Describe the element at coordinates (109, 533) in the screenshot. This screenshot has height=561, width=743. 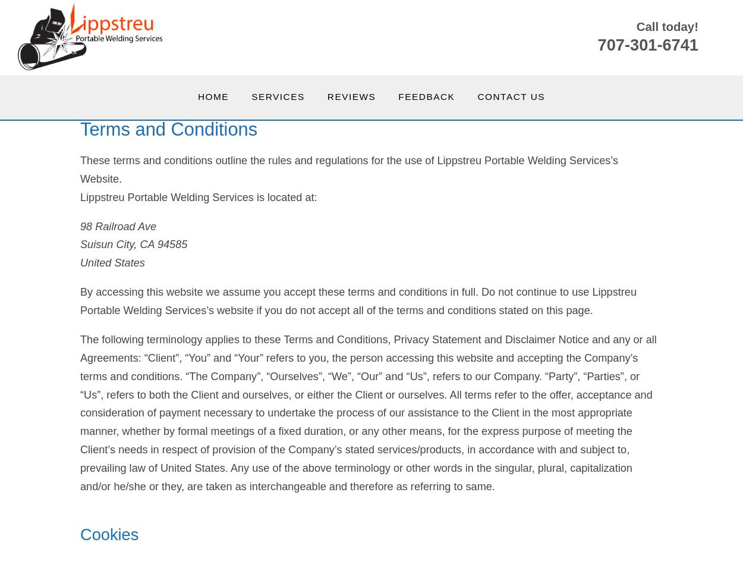
I see `'Cookies'` at that location.